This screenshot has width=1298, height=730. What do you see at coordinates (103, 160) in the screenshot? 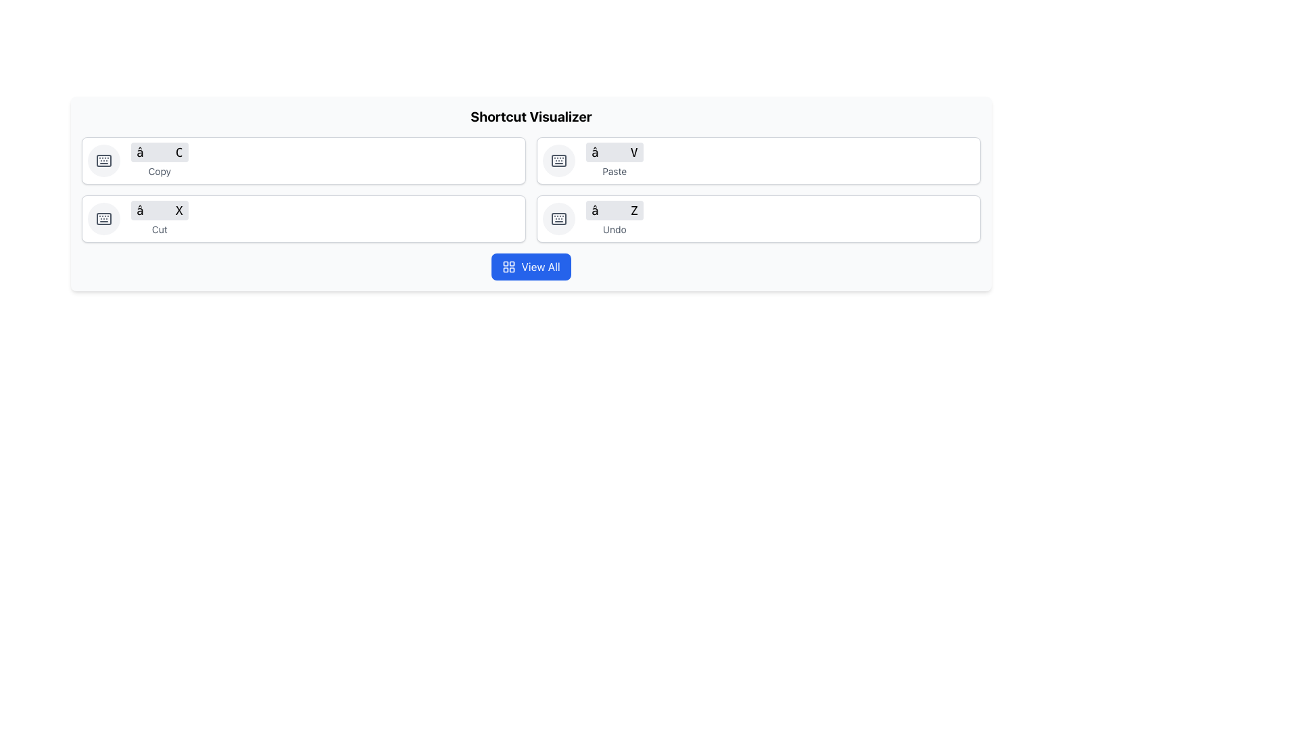
I see `the 'keyboard input' icon button representing the 'Copy' shortcut, which is located to the left of the text '⌘ C' within the 'Shortcut Visualizer'` at bounding box center [103, 160].